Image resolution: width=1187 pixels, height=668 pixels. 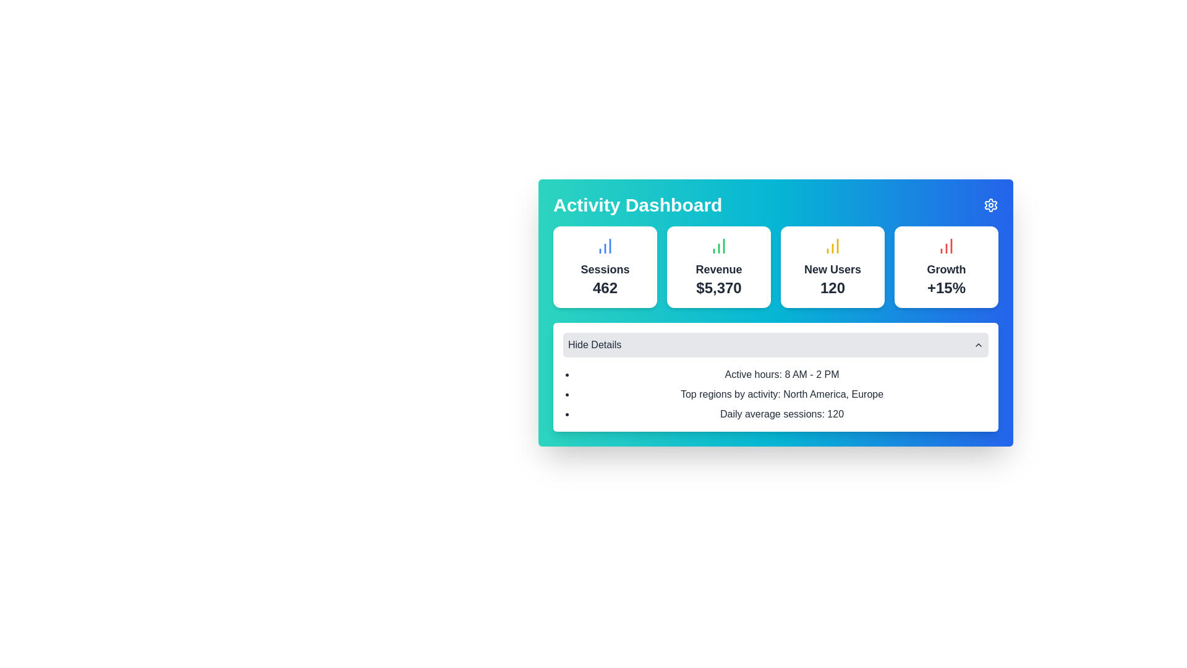 I want to click on numerical value '462' displayed in bold black font below the 'Sessions' label inside the white card in the top left corner of the interface, so click(x=605, y=288).